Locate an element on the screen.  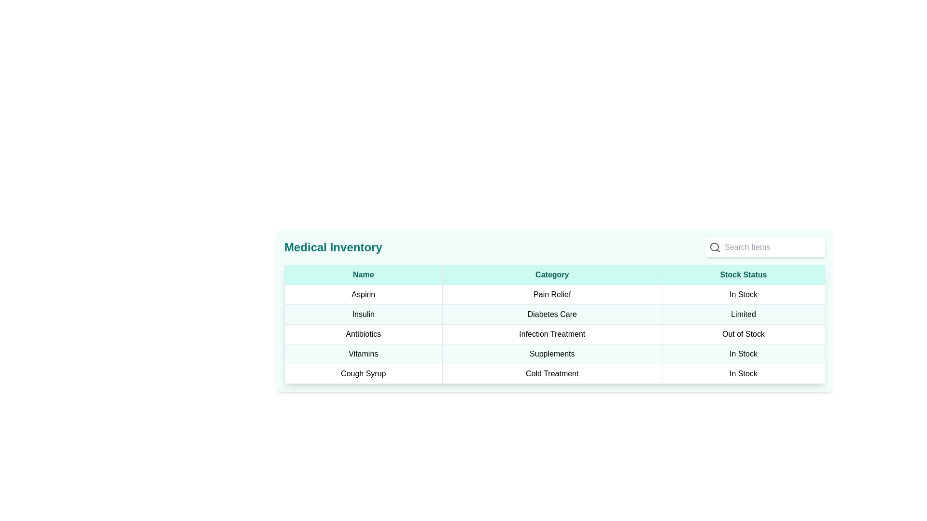
the table cell displaying the name 'Antibiotics' located in the third row of the 'Name' column is located at coordinates (363, 334).